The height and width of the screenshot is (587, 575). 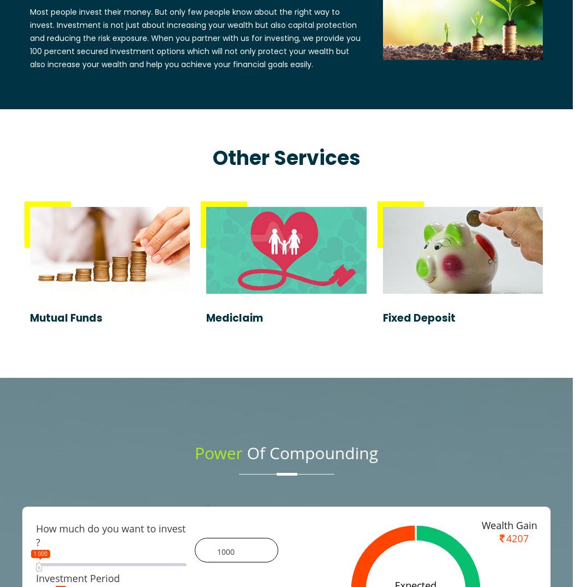 I want to click on 'Mutual Funds', so click(x=66, y=317).